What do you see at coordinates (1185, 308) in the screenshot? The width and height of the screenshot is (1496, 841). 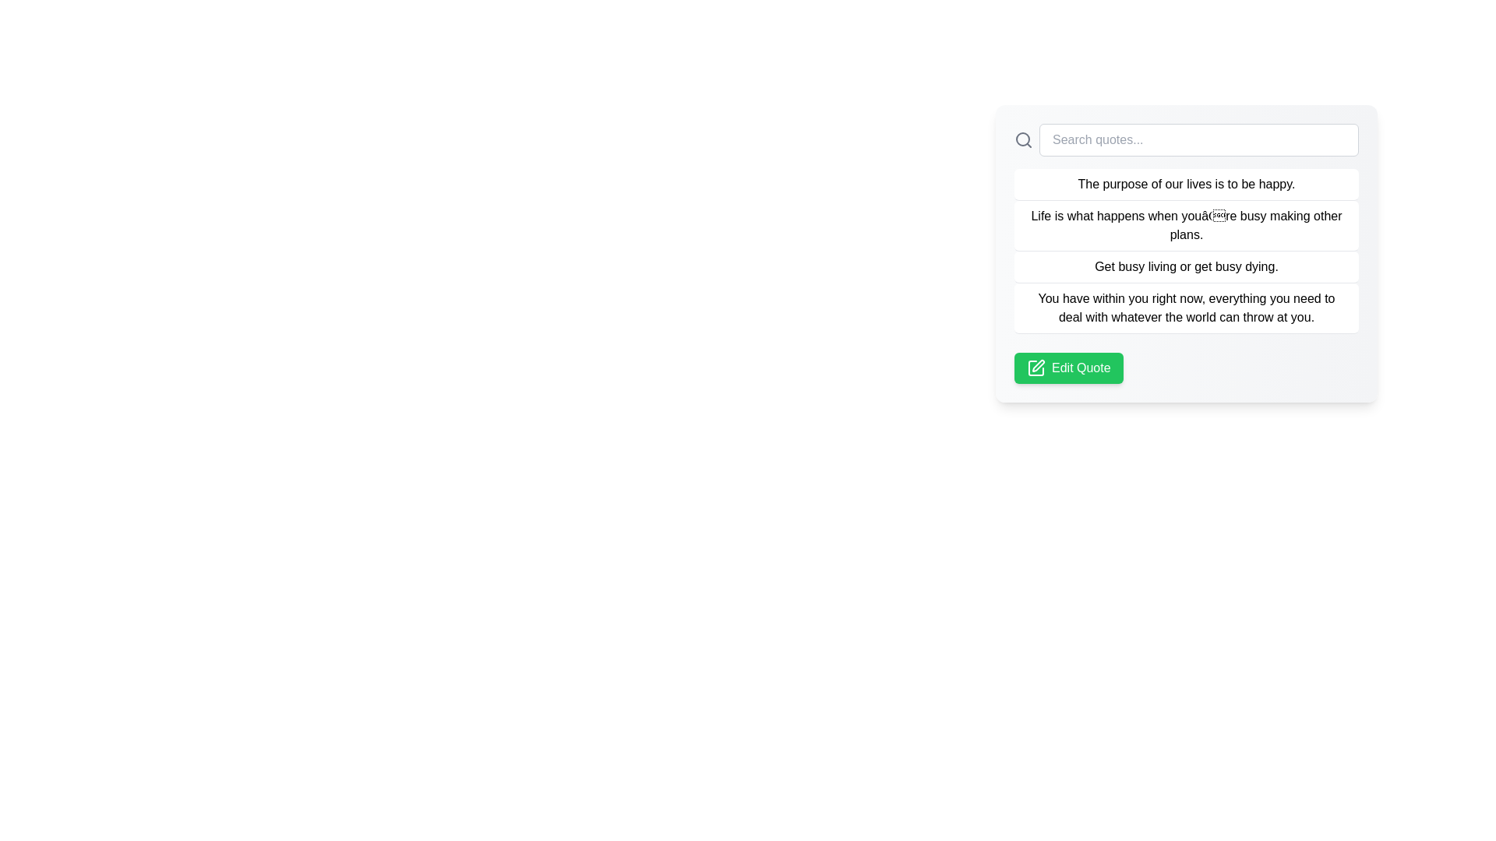 I see `the Text display block element that contains the quote: 'You have within you right now, everything you need to deal with whatever the world can throw at you.'` at bounding box center [1185, 308].